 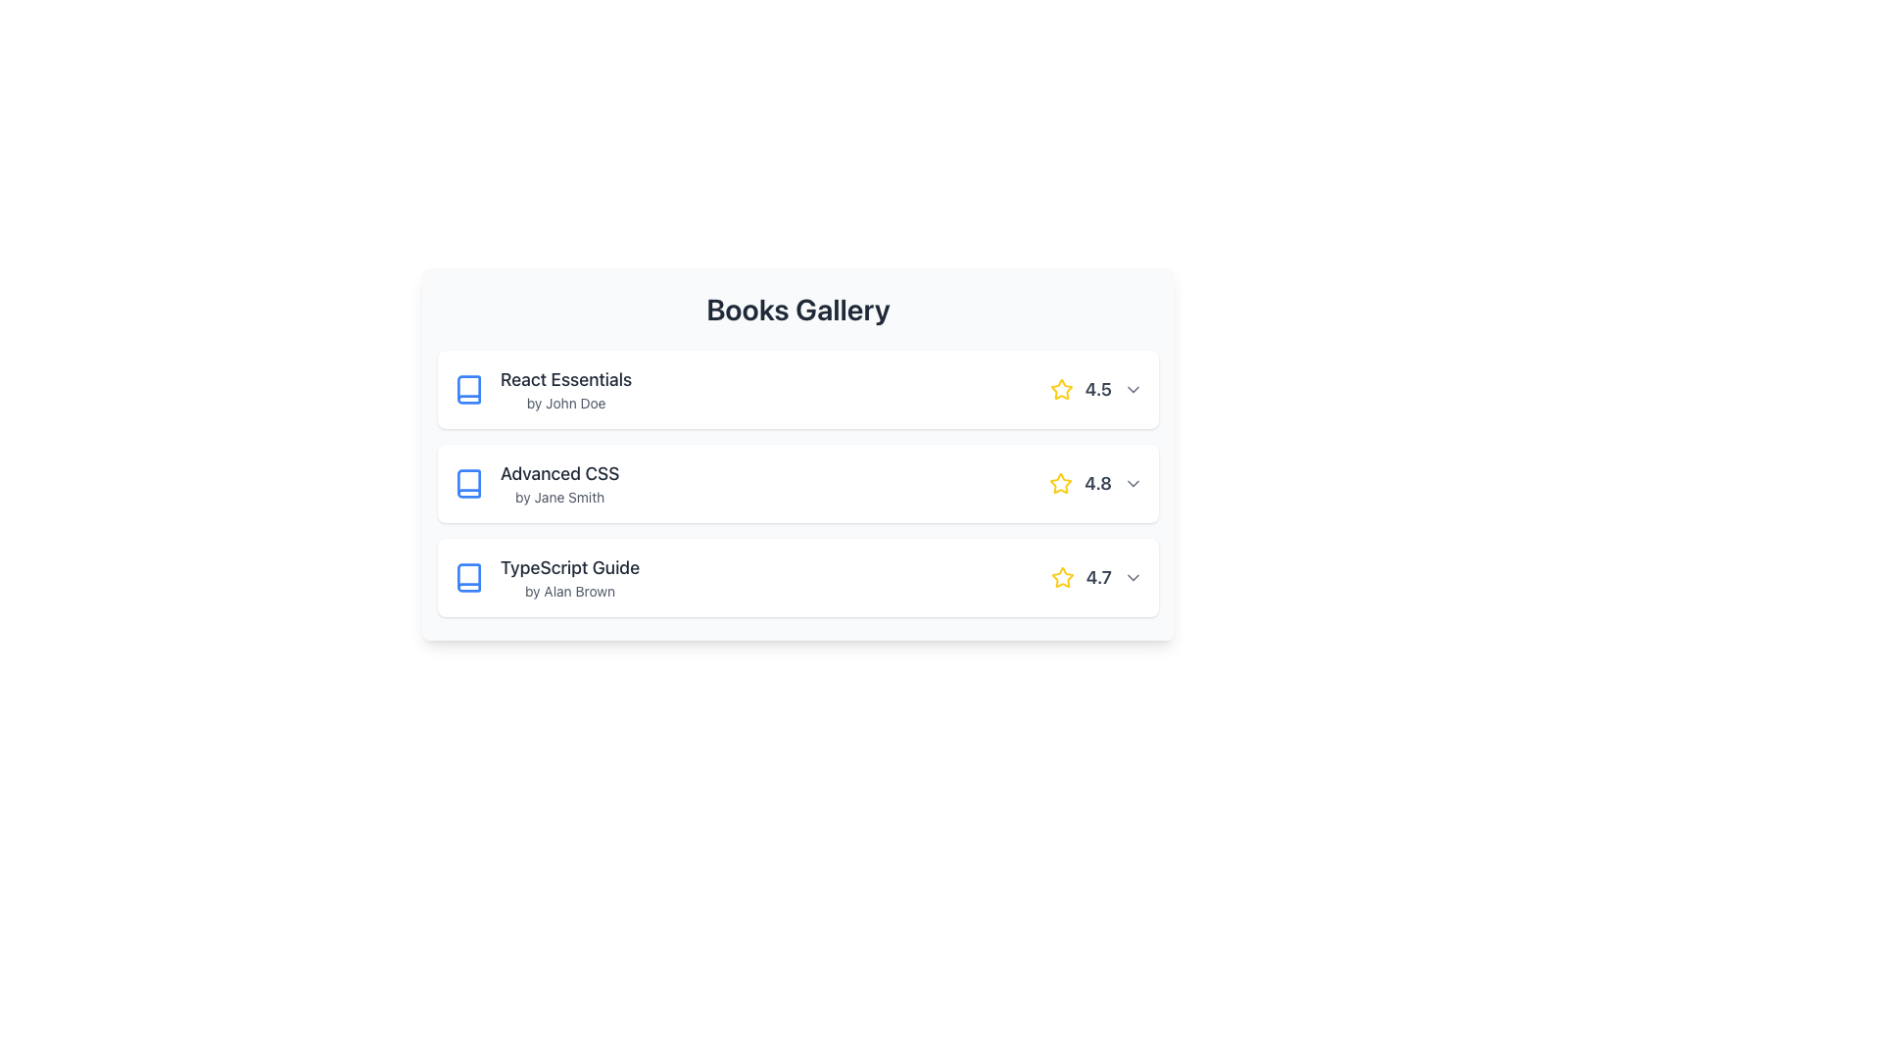 I want to click on the blue book icon located to the left of the text 'React Essentials by John Doe' in the 'Books Gallery' section, so click(x=468, y=389).